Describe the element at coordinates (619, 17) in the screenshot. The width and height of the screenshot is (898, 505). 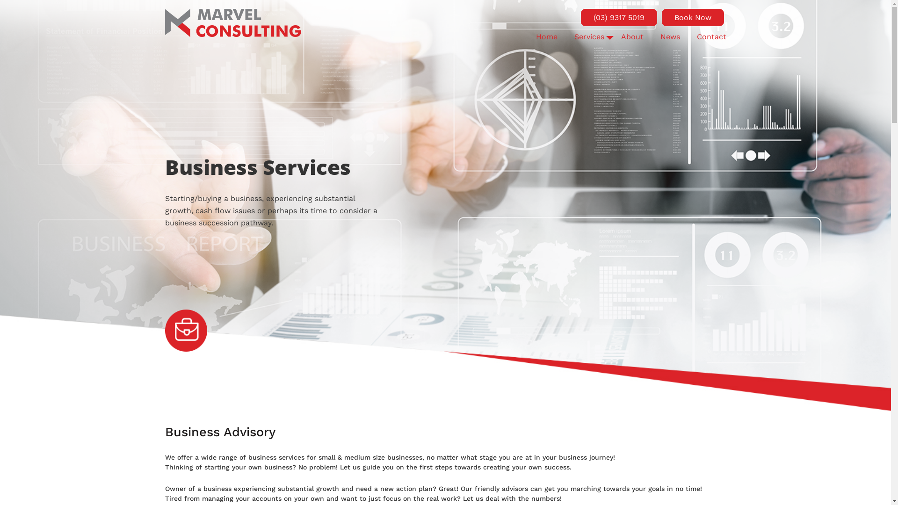
I see `'(03) 9317 5019'` at that location.